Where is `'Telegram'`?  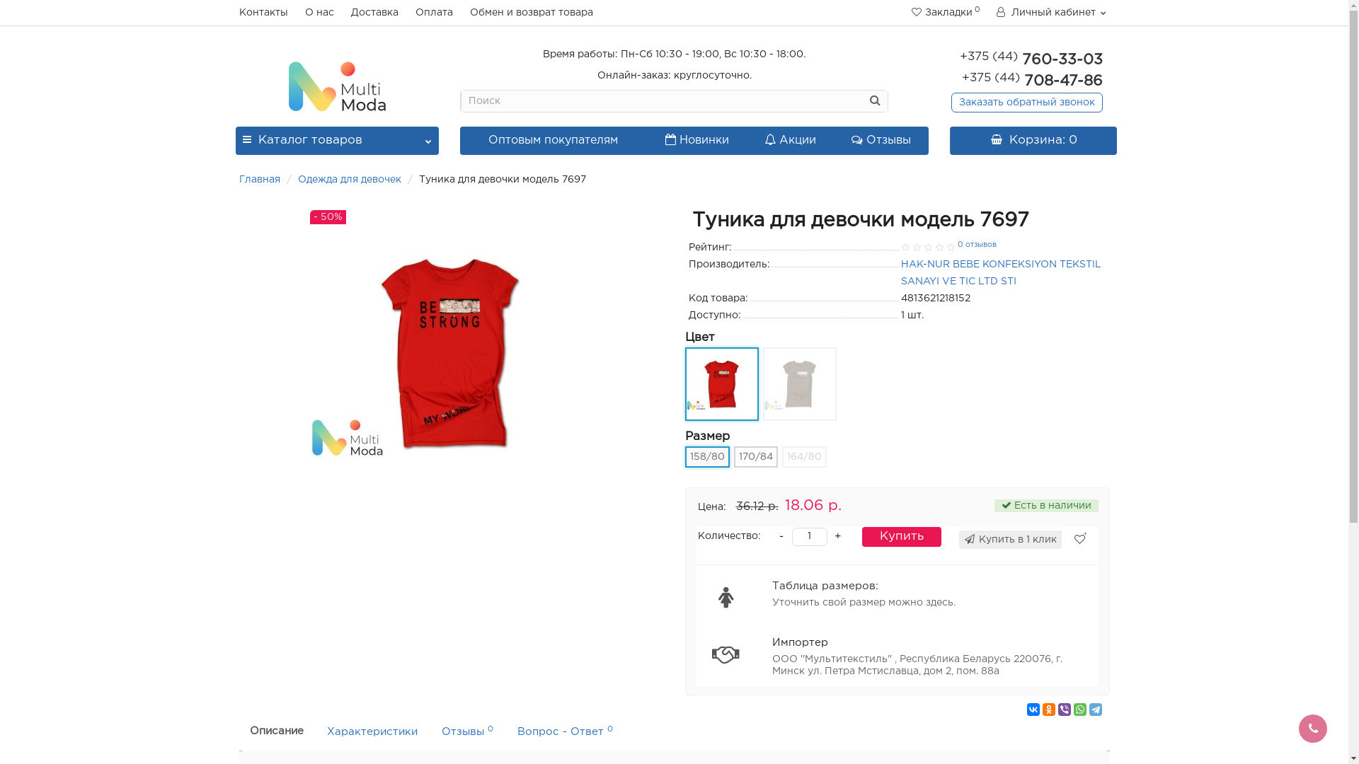 'Telegram' is located at coordinates (1094, 709).